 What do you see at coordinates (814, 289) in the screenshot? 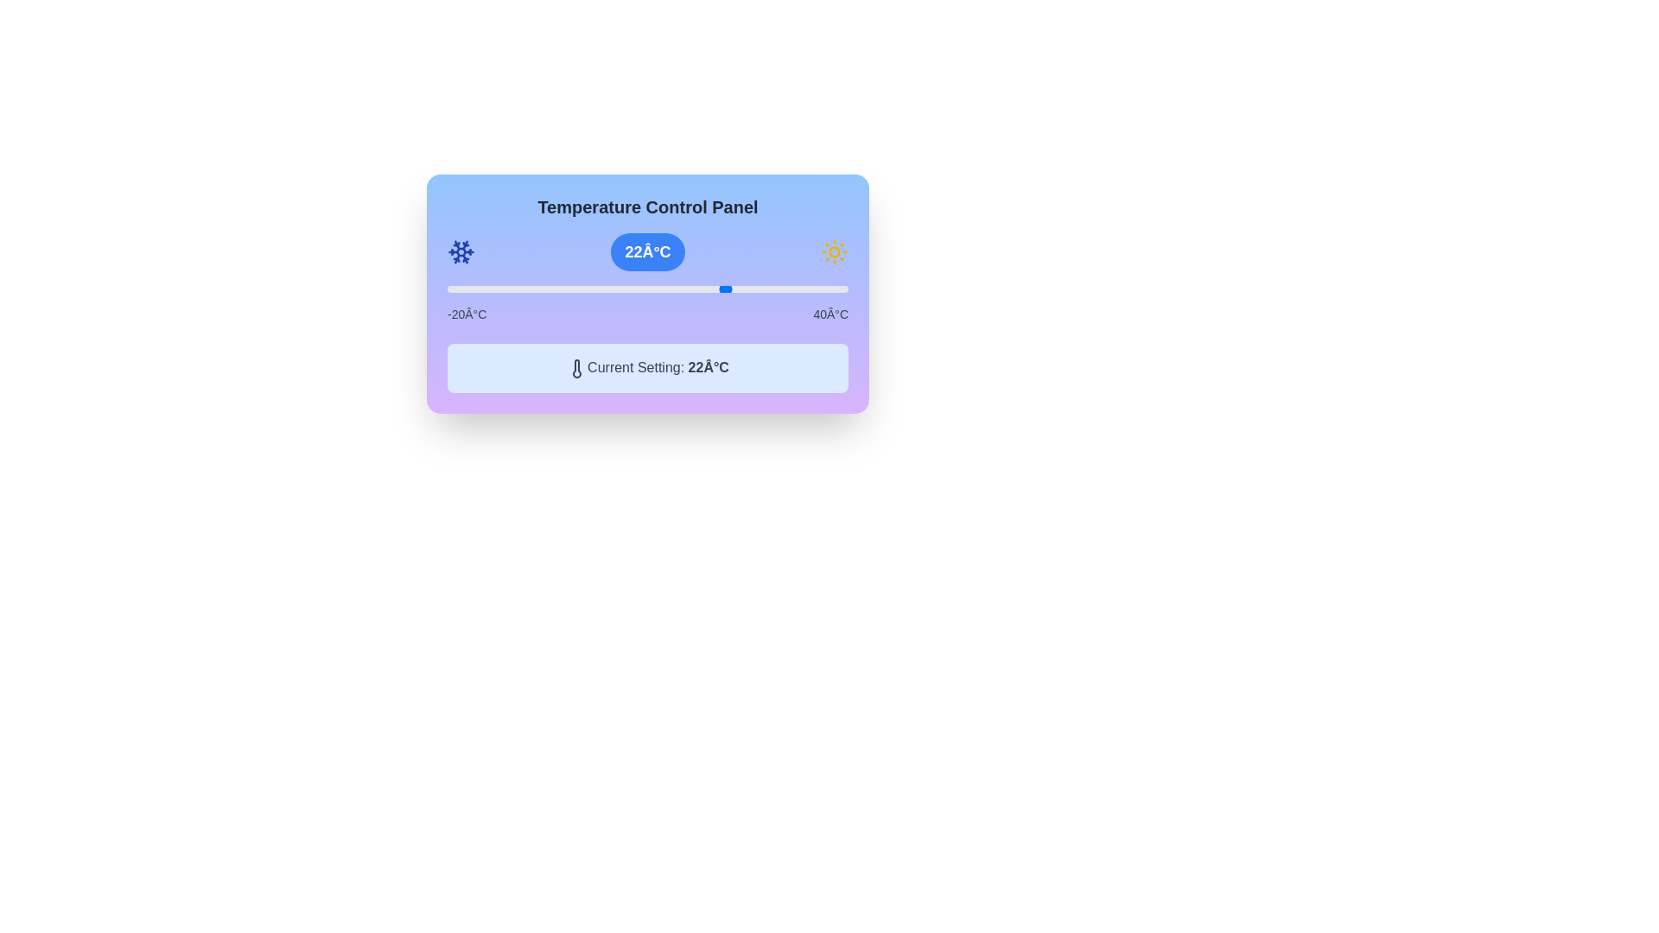
I see `the slider to set the temperature to 35°C` at bounding box center [814, 289].